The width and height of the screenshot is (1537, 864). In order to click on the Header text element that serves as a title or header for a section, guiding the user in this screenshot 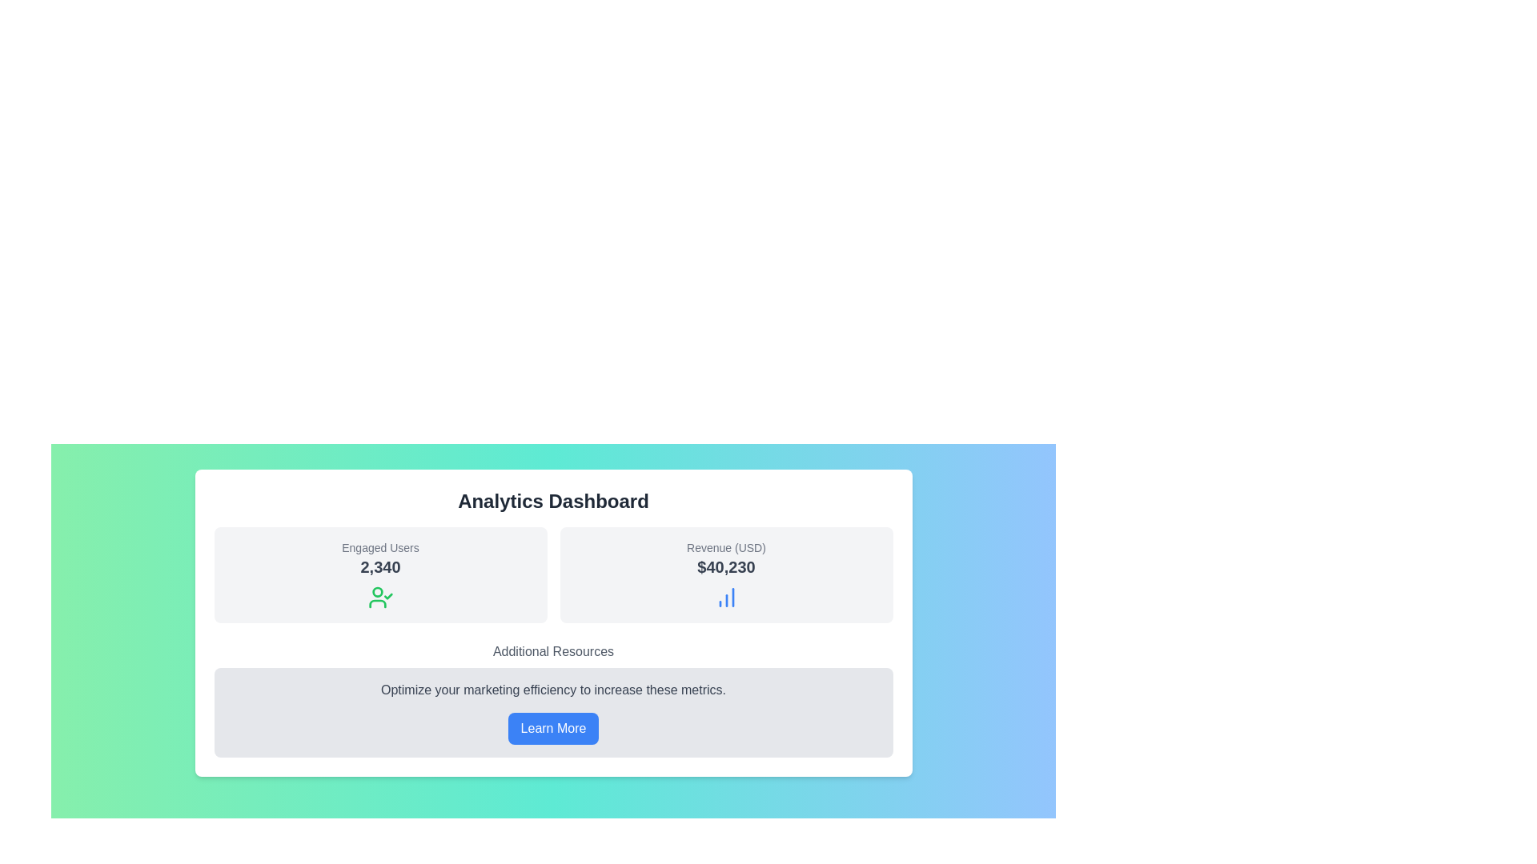, I will do `click(553, 651)`.